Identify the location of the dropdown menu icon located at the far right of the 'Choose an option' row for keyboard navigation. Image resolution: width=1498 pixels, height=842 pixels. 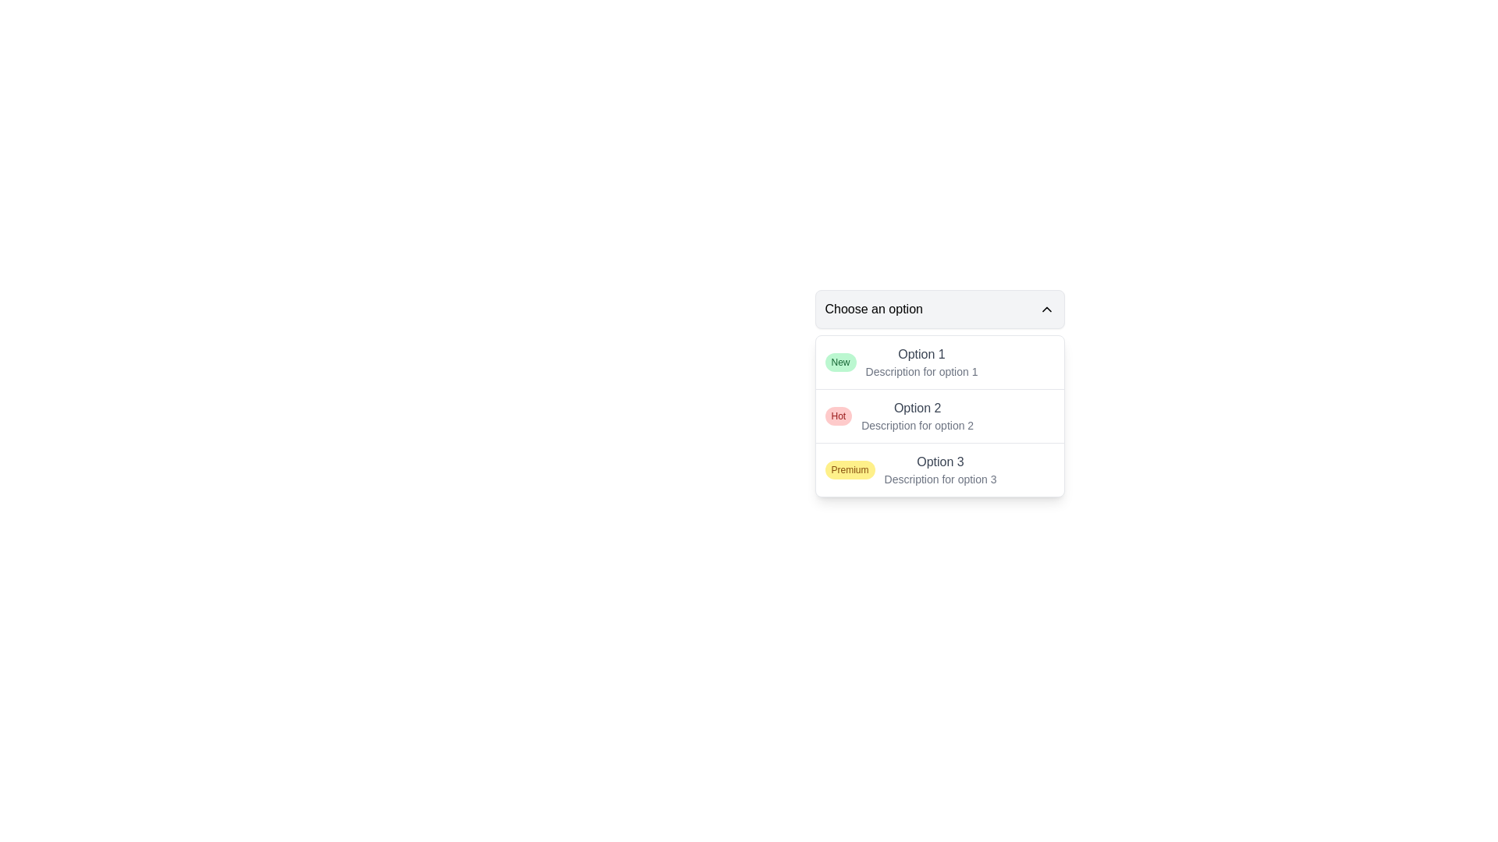
(1046, 310).